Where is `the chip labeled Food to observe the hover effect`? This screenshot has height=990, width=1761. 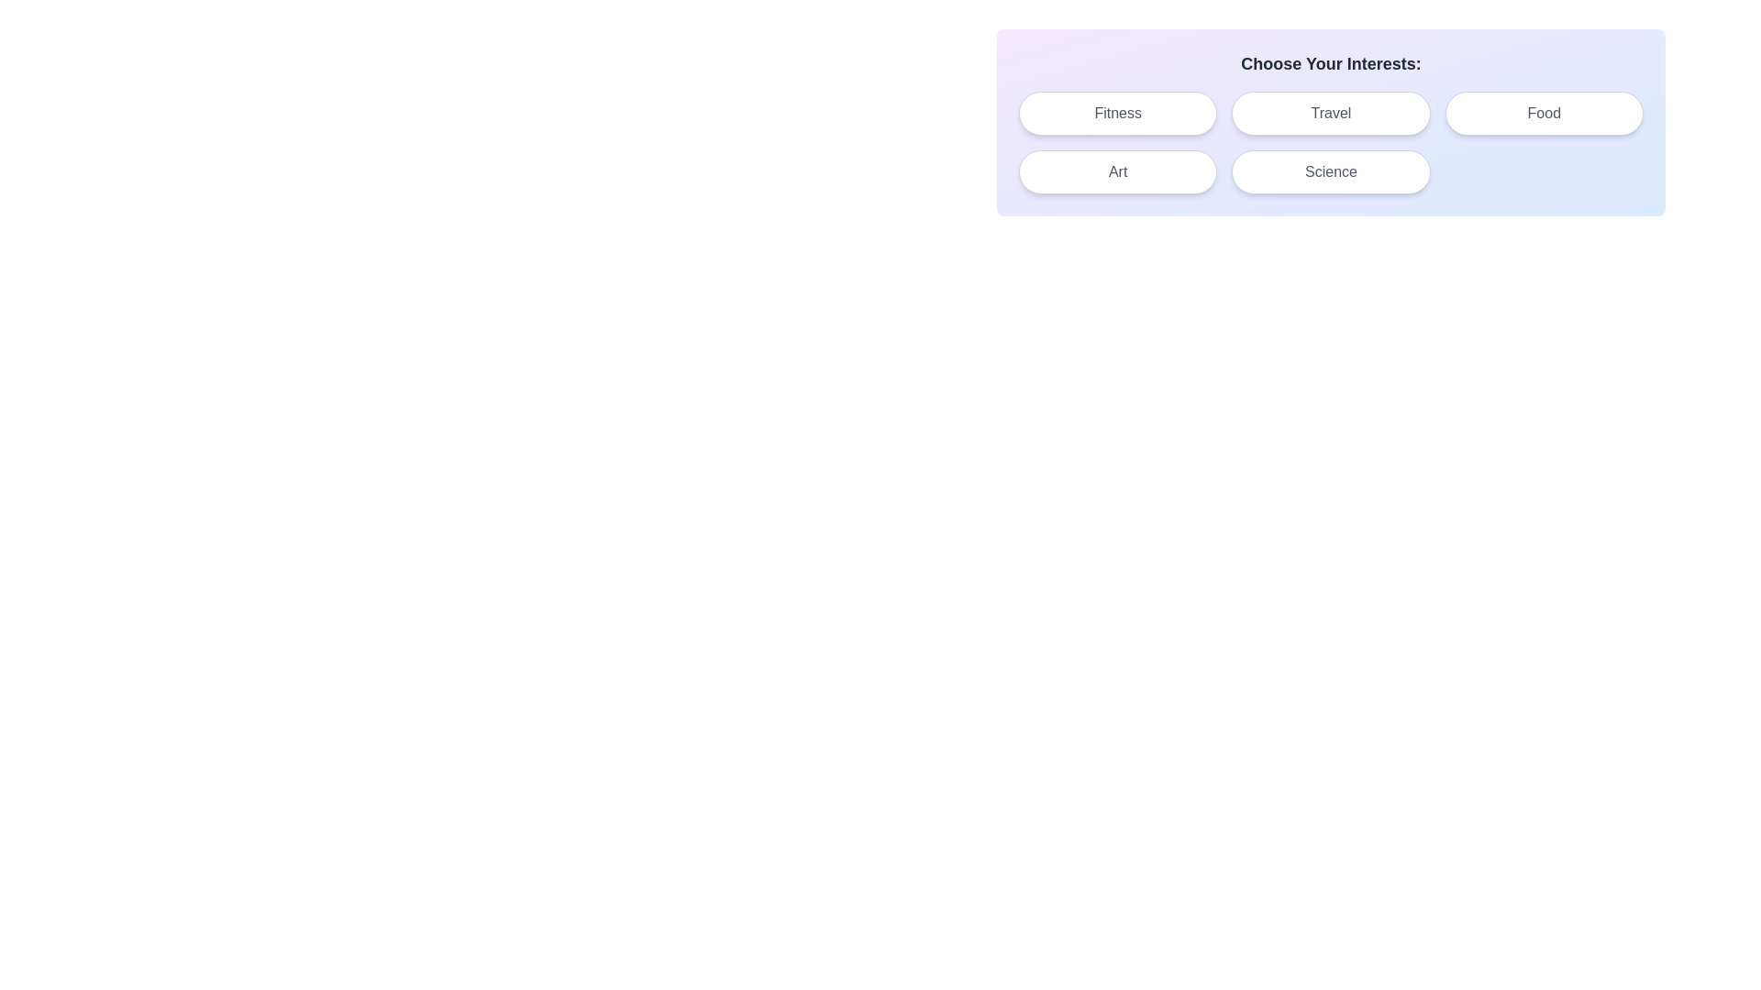 the chip labeled Food to observe the hover effect is located at coordinates (1543, 113).